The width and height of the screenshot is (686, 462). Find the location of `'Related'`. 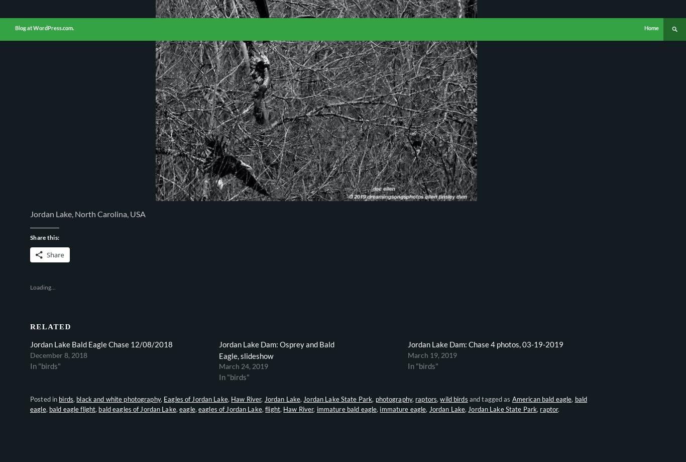

'Related' is located at coordinates (50, 325).